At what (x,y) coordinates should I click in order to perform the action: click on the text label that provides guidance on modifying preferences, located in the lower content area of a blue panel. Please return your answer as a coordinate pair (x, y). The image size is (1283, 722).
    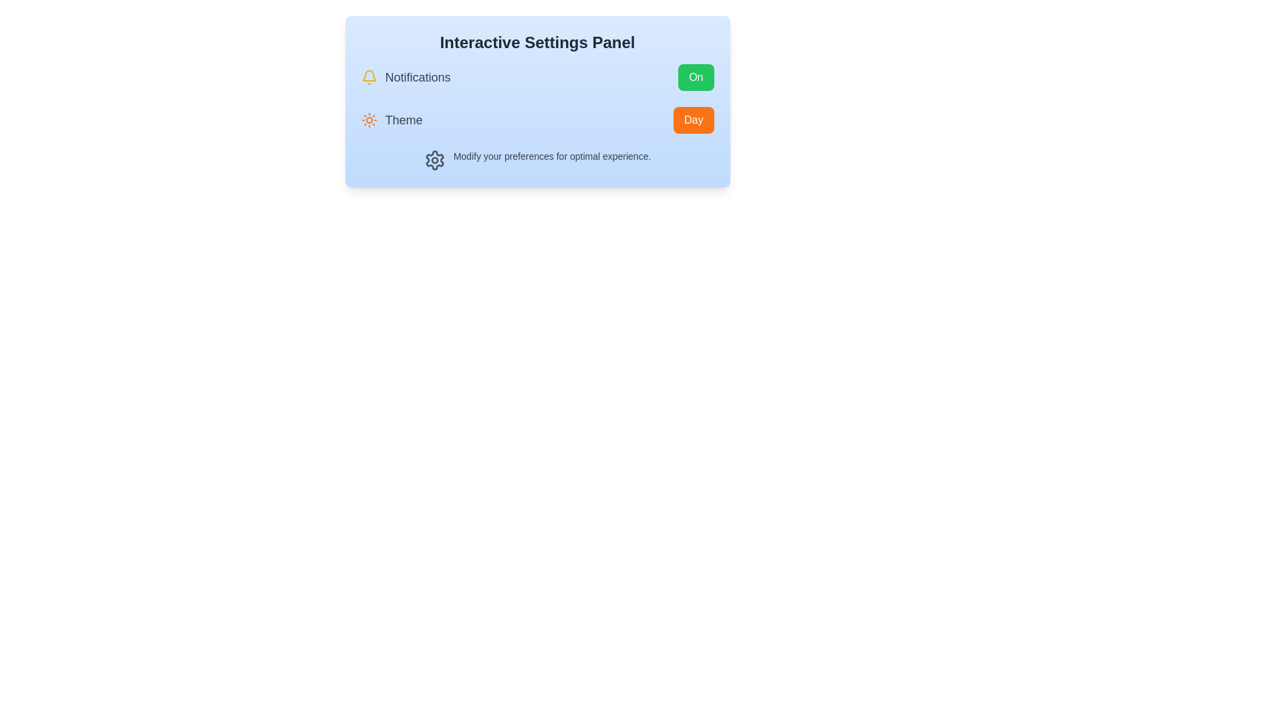
    Looking at the image, I should click on (552, 159).